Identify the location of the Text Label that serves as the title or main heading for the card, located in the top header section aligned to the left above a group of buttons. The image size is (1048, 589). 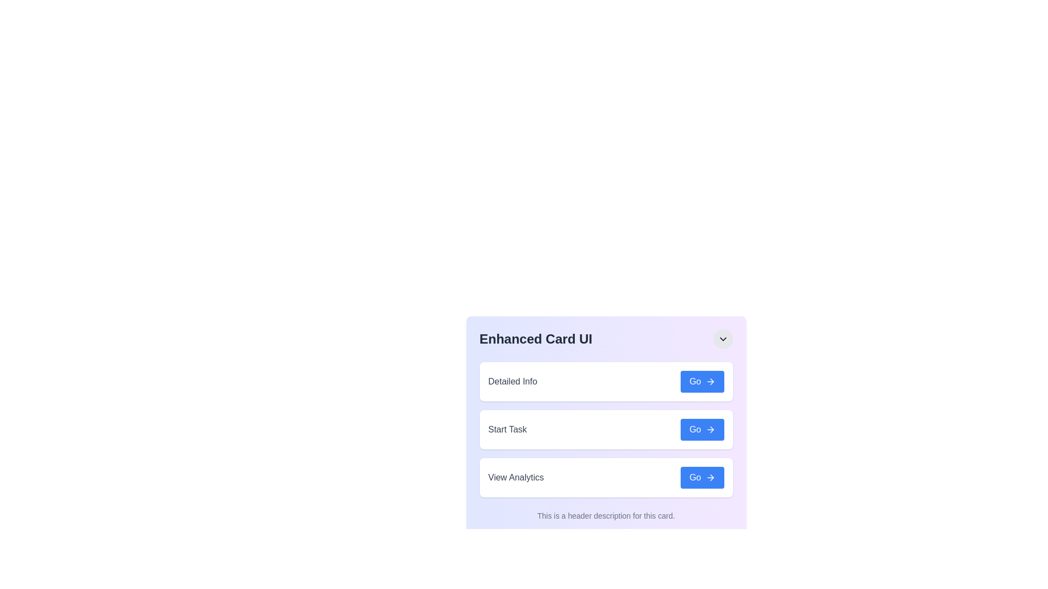
(535, 338).